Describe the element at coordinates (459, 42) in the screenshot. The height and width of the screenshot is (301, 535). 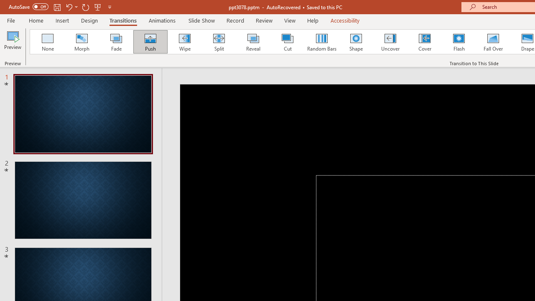
I see `'Flash'` at that location.